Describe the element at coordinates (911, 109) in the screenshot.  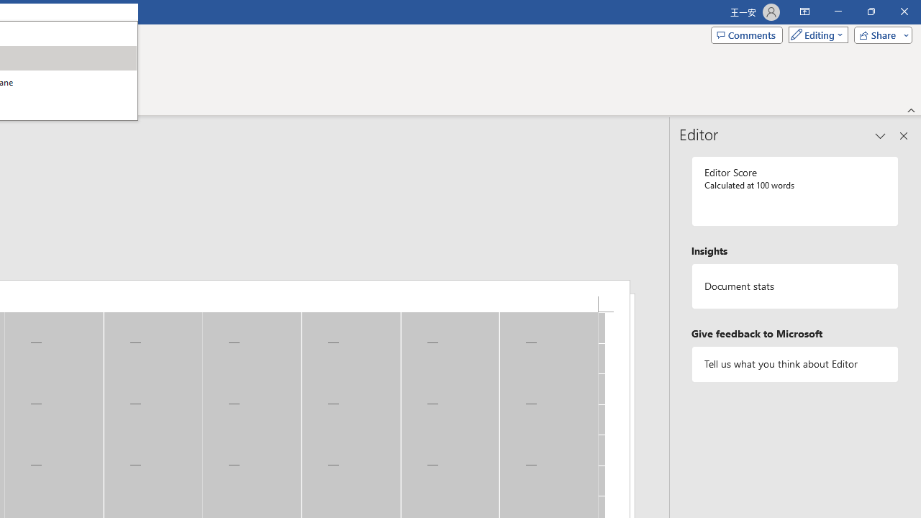
I see `'Collapse the Ribbon'` at that location.